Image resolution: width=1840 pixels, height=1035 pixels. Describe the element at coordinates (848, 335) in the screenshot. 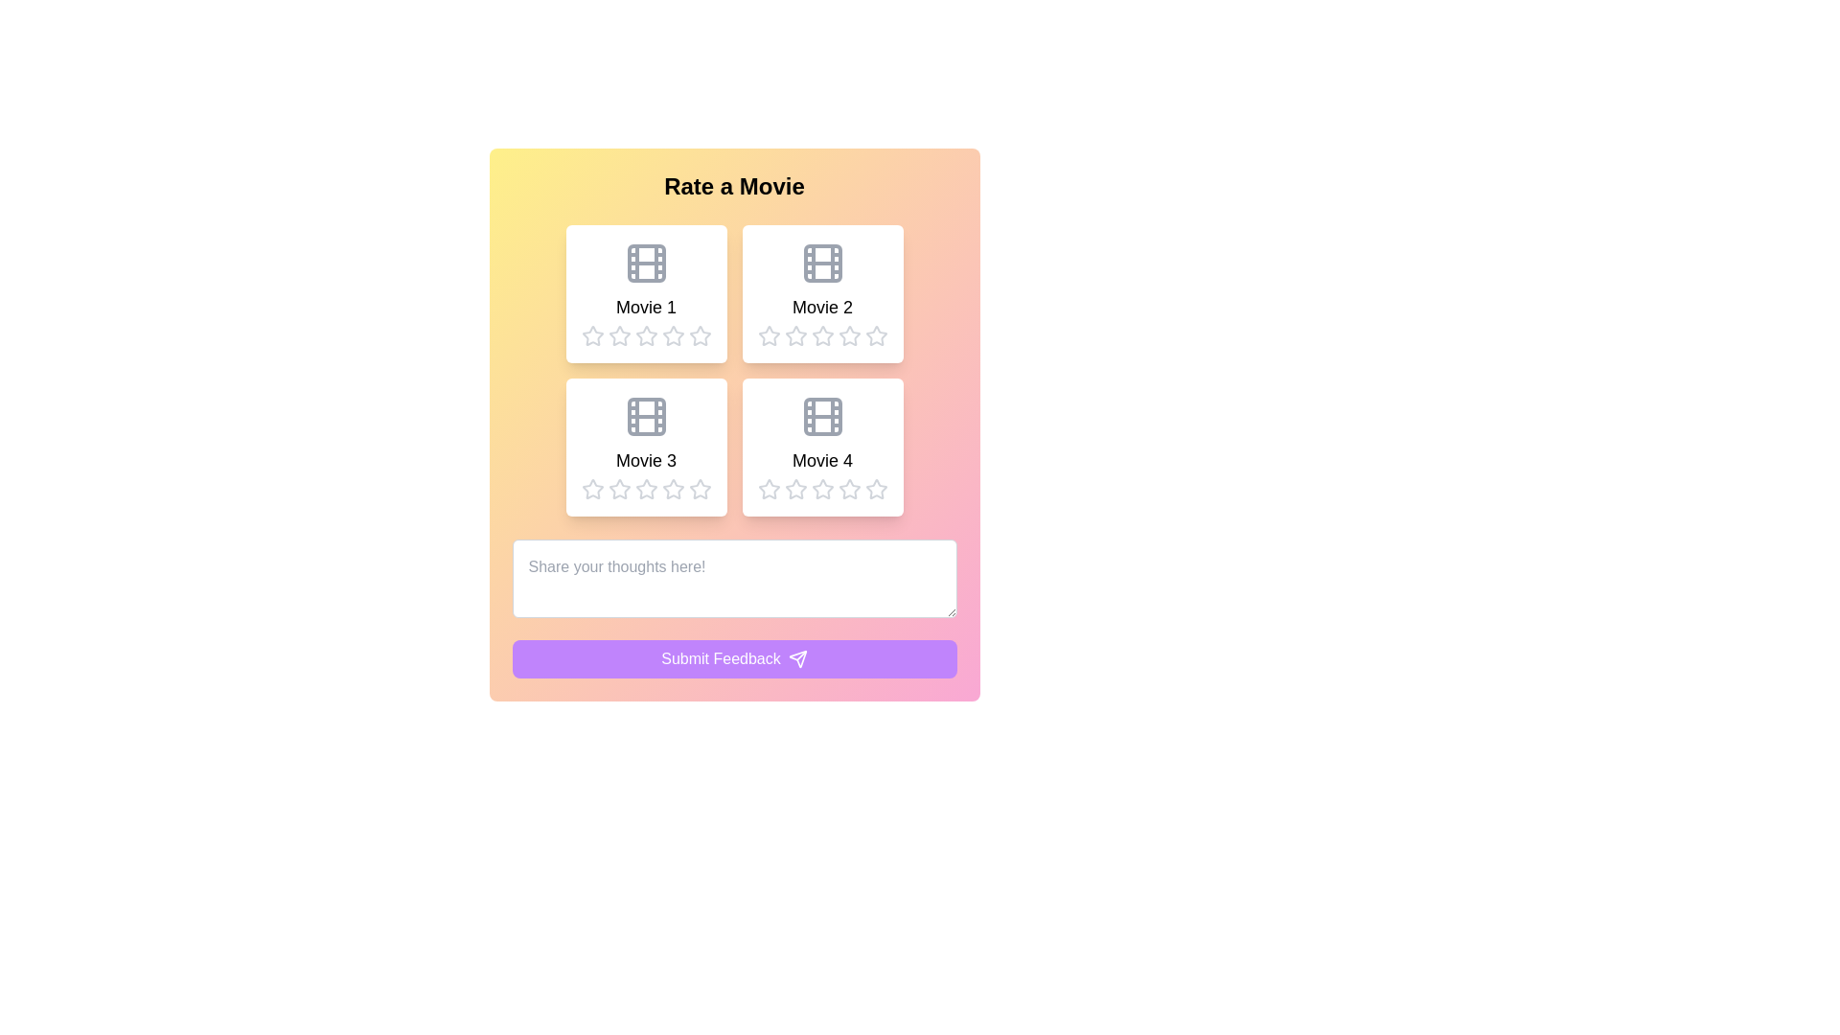

I see `the third star in the 5-star rating row under 'Movie 2'` at that location.